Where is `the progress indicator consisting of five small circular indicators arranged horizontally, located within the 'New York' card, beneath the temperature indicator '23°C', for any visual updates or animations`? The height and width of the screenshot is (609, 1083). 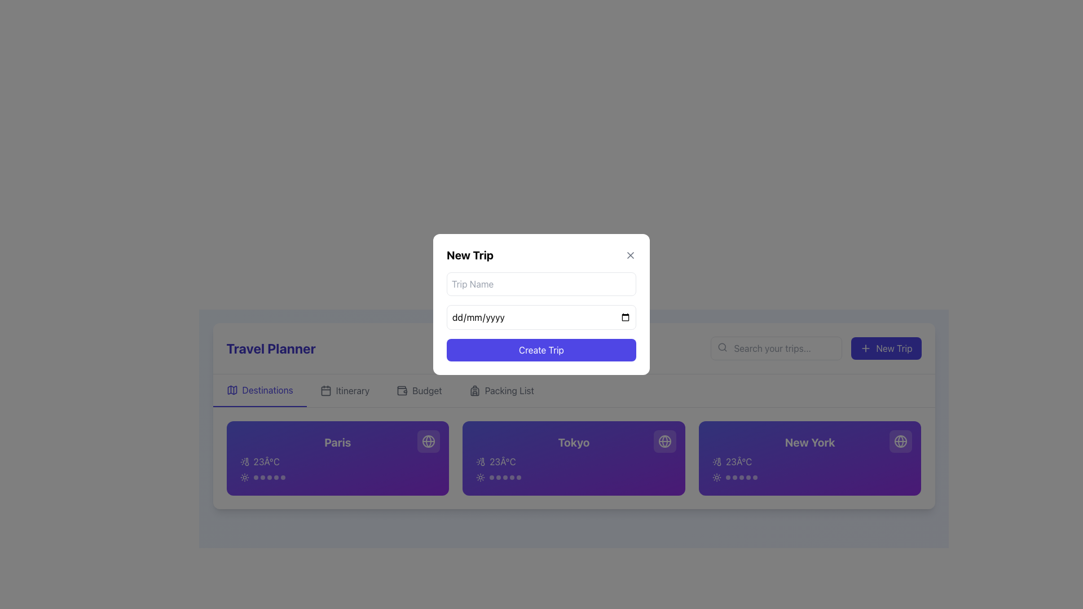 the progress indicator consisting of five small circular indicators arranged horizontally, located within the 'New York' card, beneath the temperature indicator '23°C', for any visual updates or animations is located at coordinates (809, 478).